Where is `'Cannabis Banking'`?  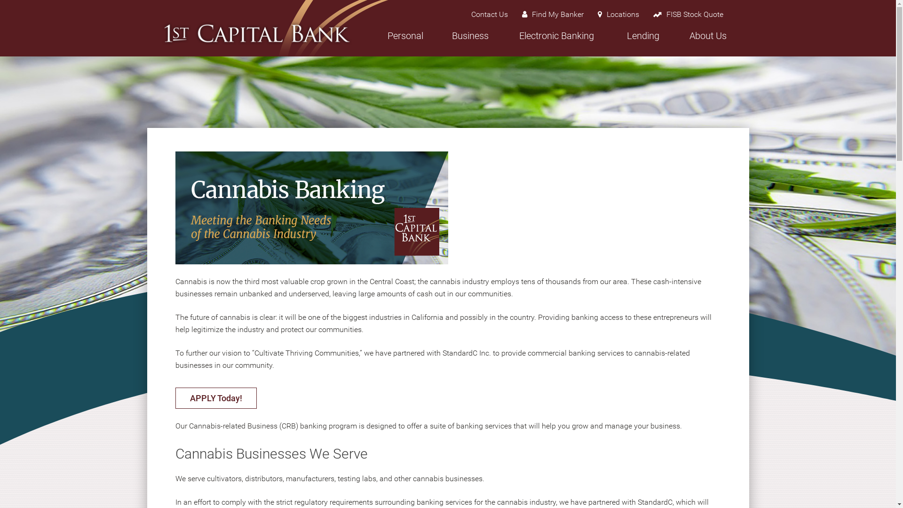
'Cannabis Banking' is located at coordinates (311, 207).